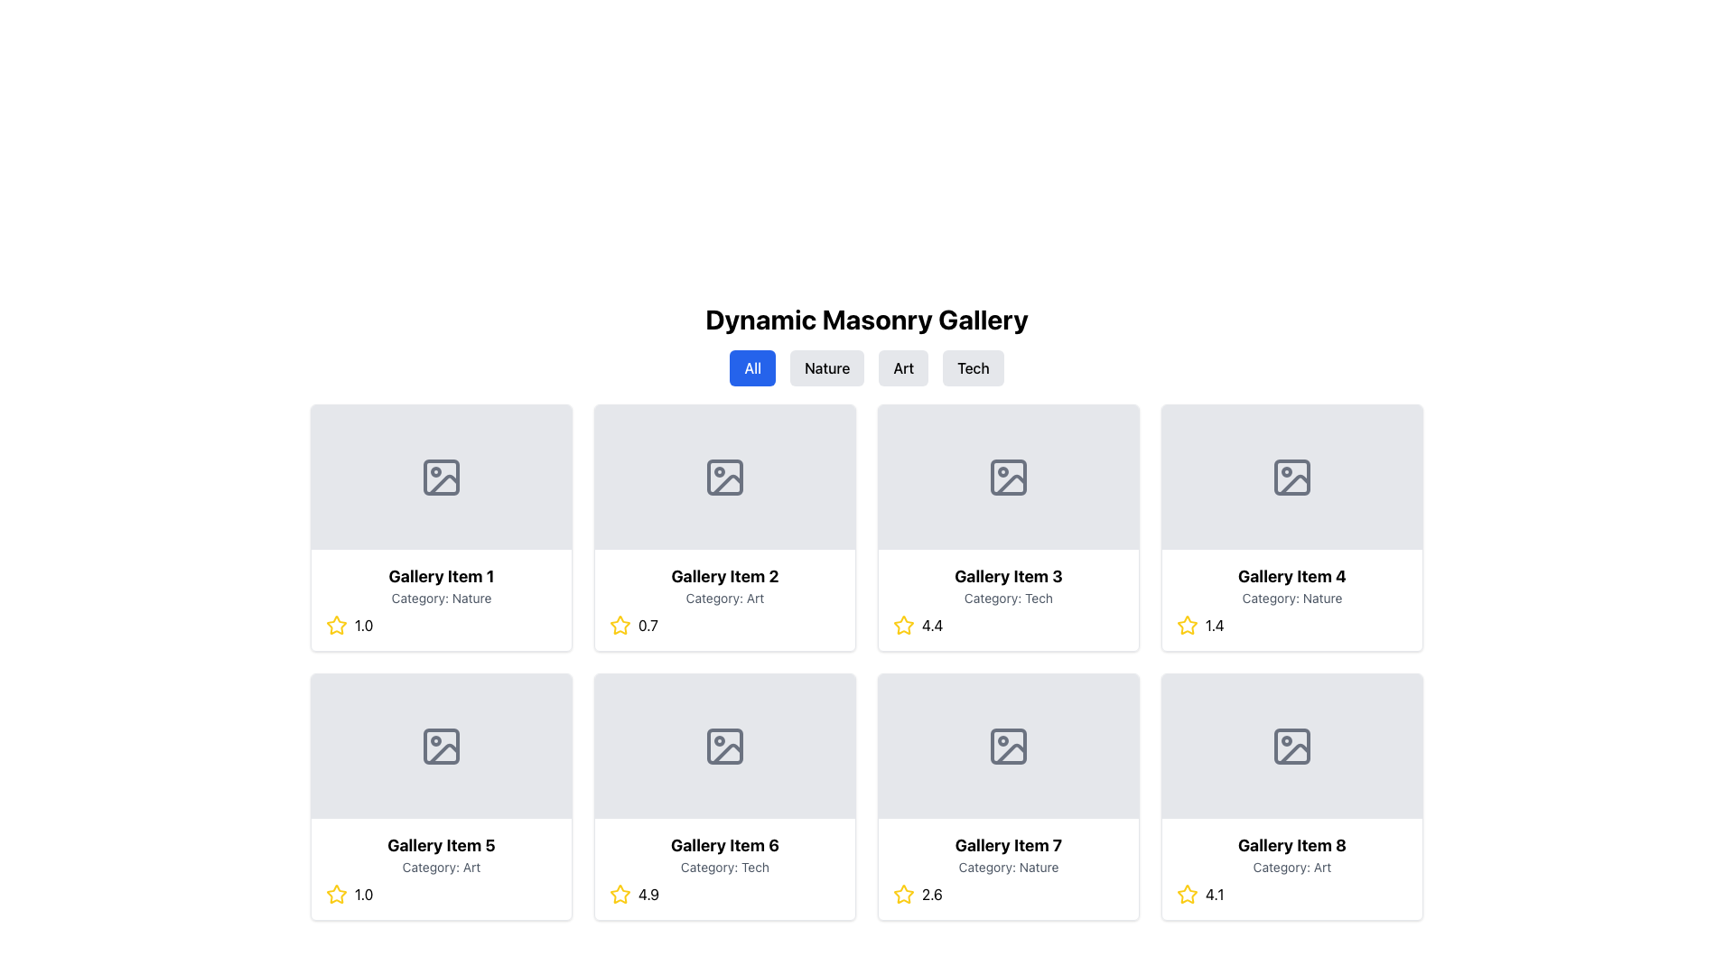 Image resolution: width=1734 pixels, height=975 pixels. What do you see at coordinates (724, 476) in the screenshot?
I see `the decorative graphic element with rounded corners located in the top-left quadrant of the image placeholder icon within 'Gallery Item 2'` at bounding box center [724, 476].